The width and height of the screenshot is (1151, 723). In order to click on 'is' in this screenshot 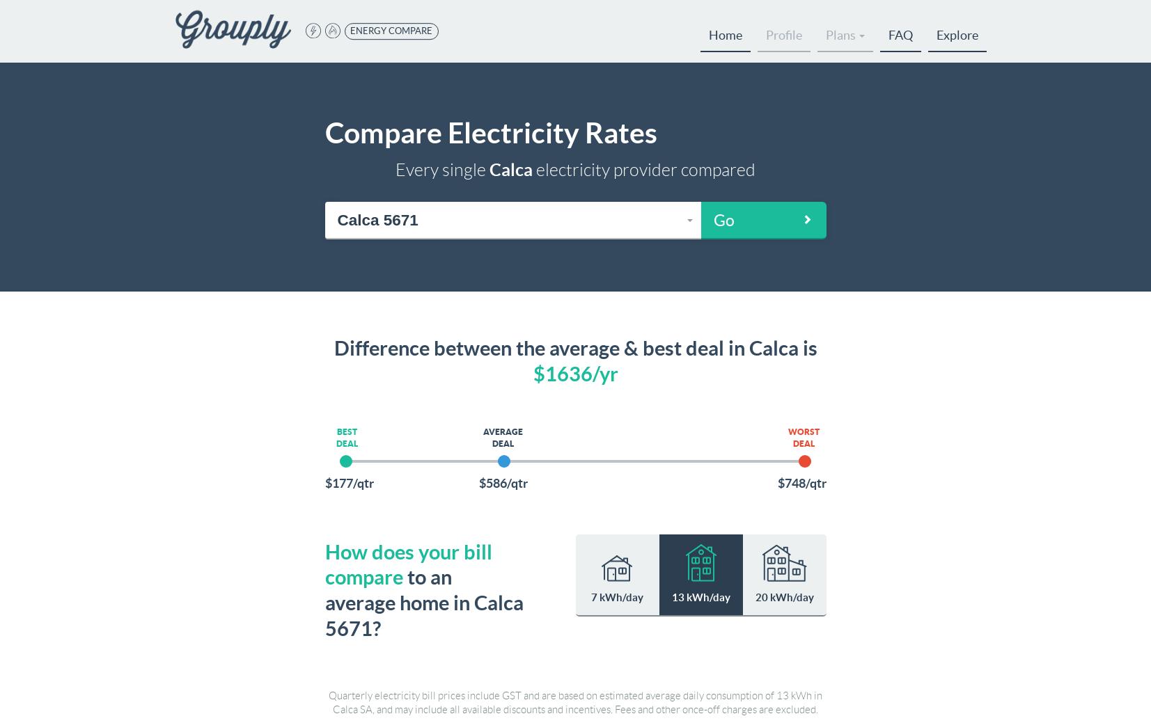, I will do `click(807, 347)`.